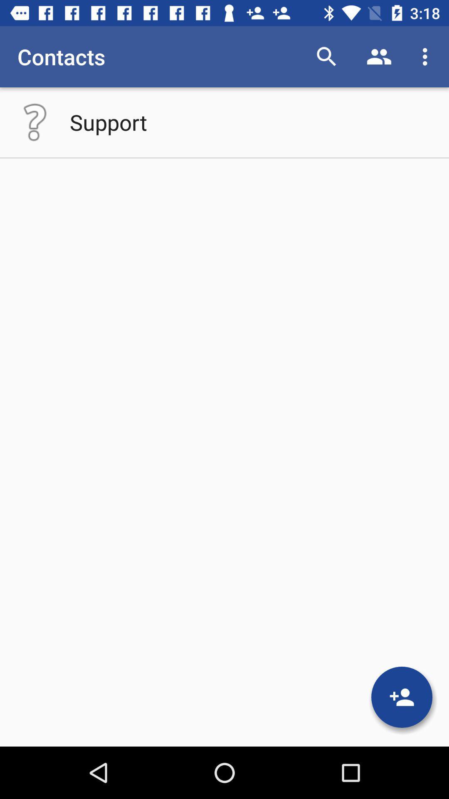  What do you see at coordinates (35, 122) in the screenshot?
I see `open help menu` at bounding box center [35, 122].